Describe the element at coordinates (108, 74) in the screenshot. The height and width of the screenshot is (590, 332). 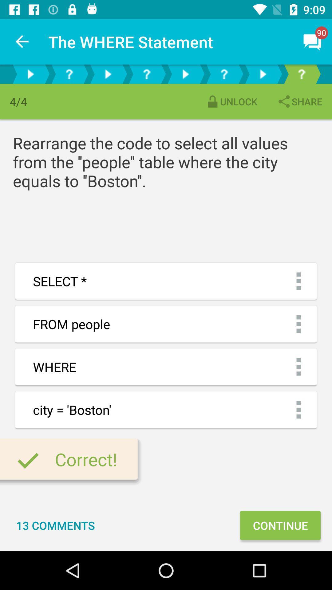
I see `next page` at that location.